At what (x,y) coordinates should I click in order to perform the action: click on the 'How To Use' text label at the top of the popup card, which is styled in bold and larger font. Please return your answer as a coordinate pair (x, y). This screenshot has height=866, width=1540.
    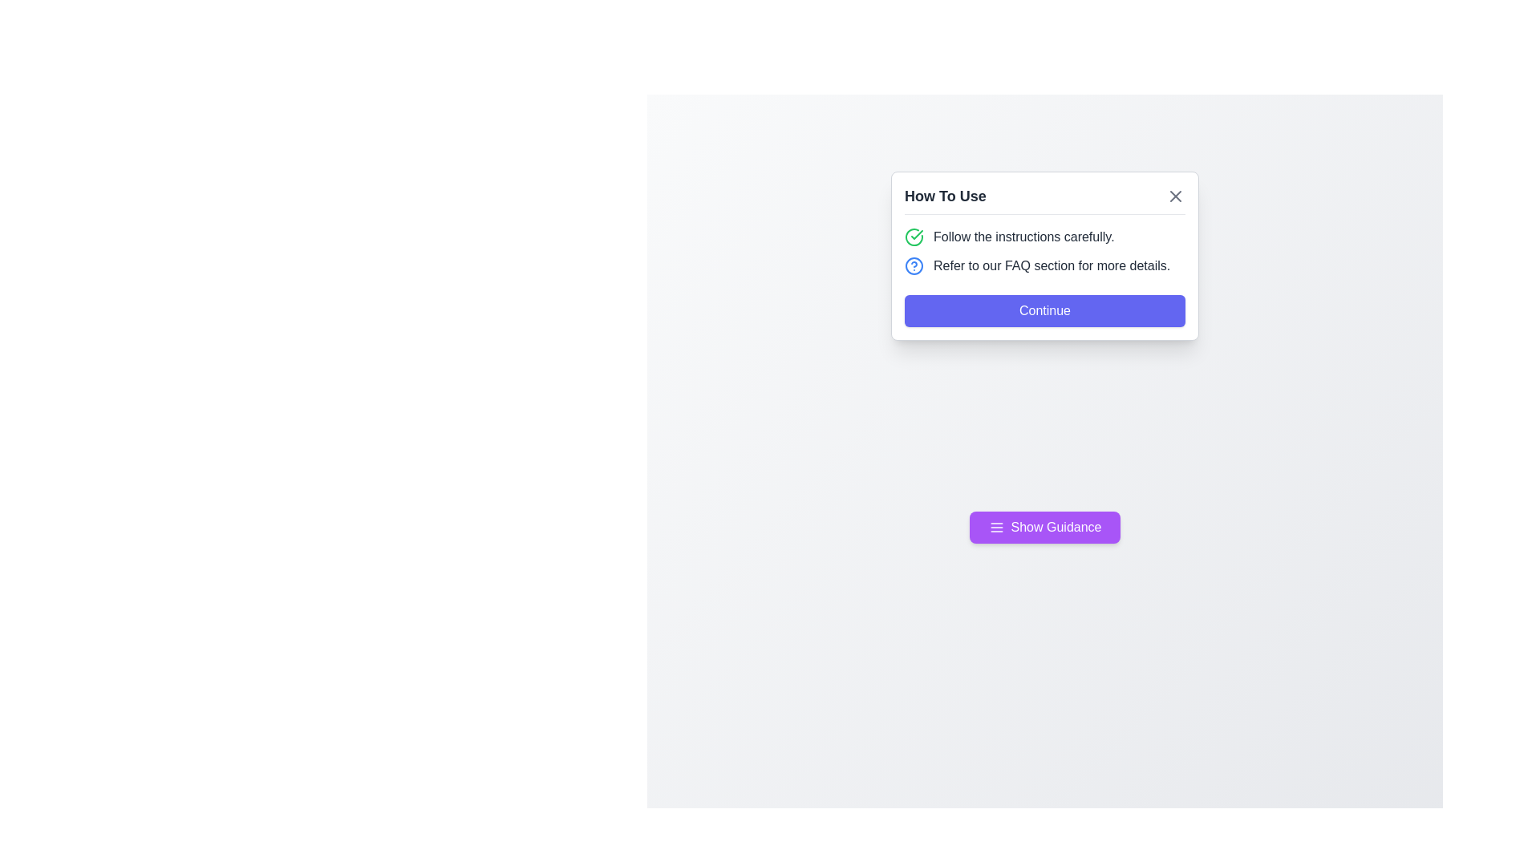
    Looking at the image, I should click on (945, 196).